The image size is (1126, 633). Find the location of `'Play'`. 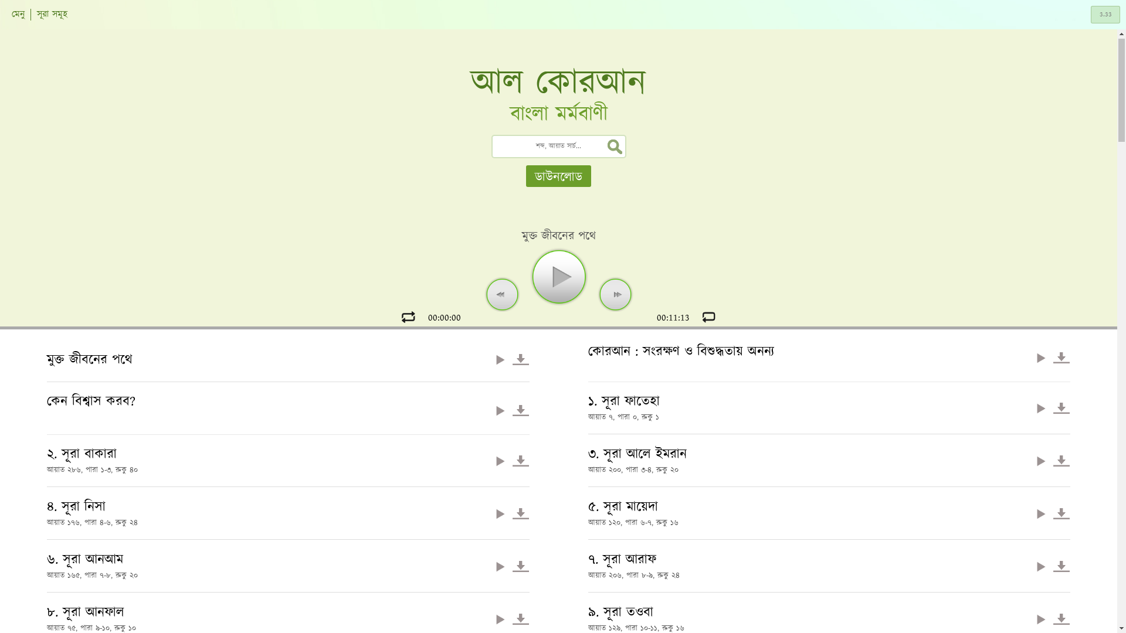

'Play' is located at coordinates (1041, 618).